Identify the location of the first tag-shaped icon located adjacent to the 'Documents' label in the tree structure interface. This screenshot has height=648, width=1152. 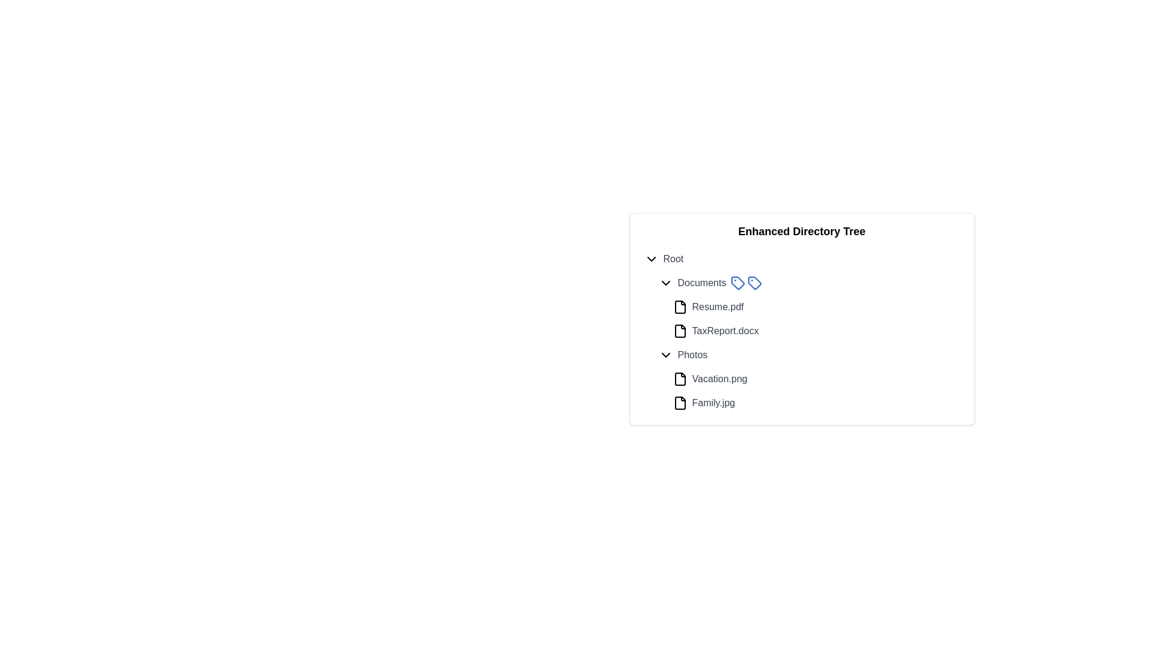
(737, 283).